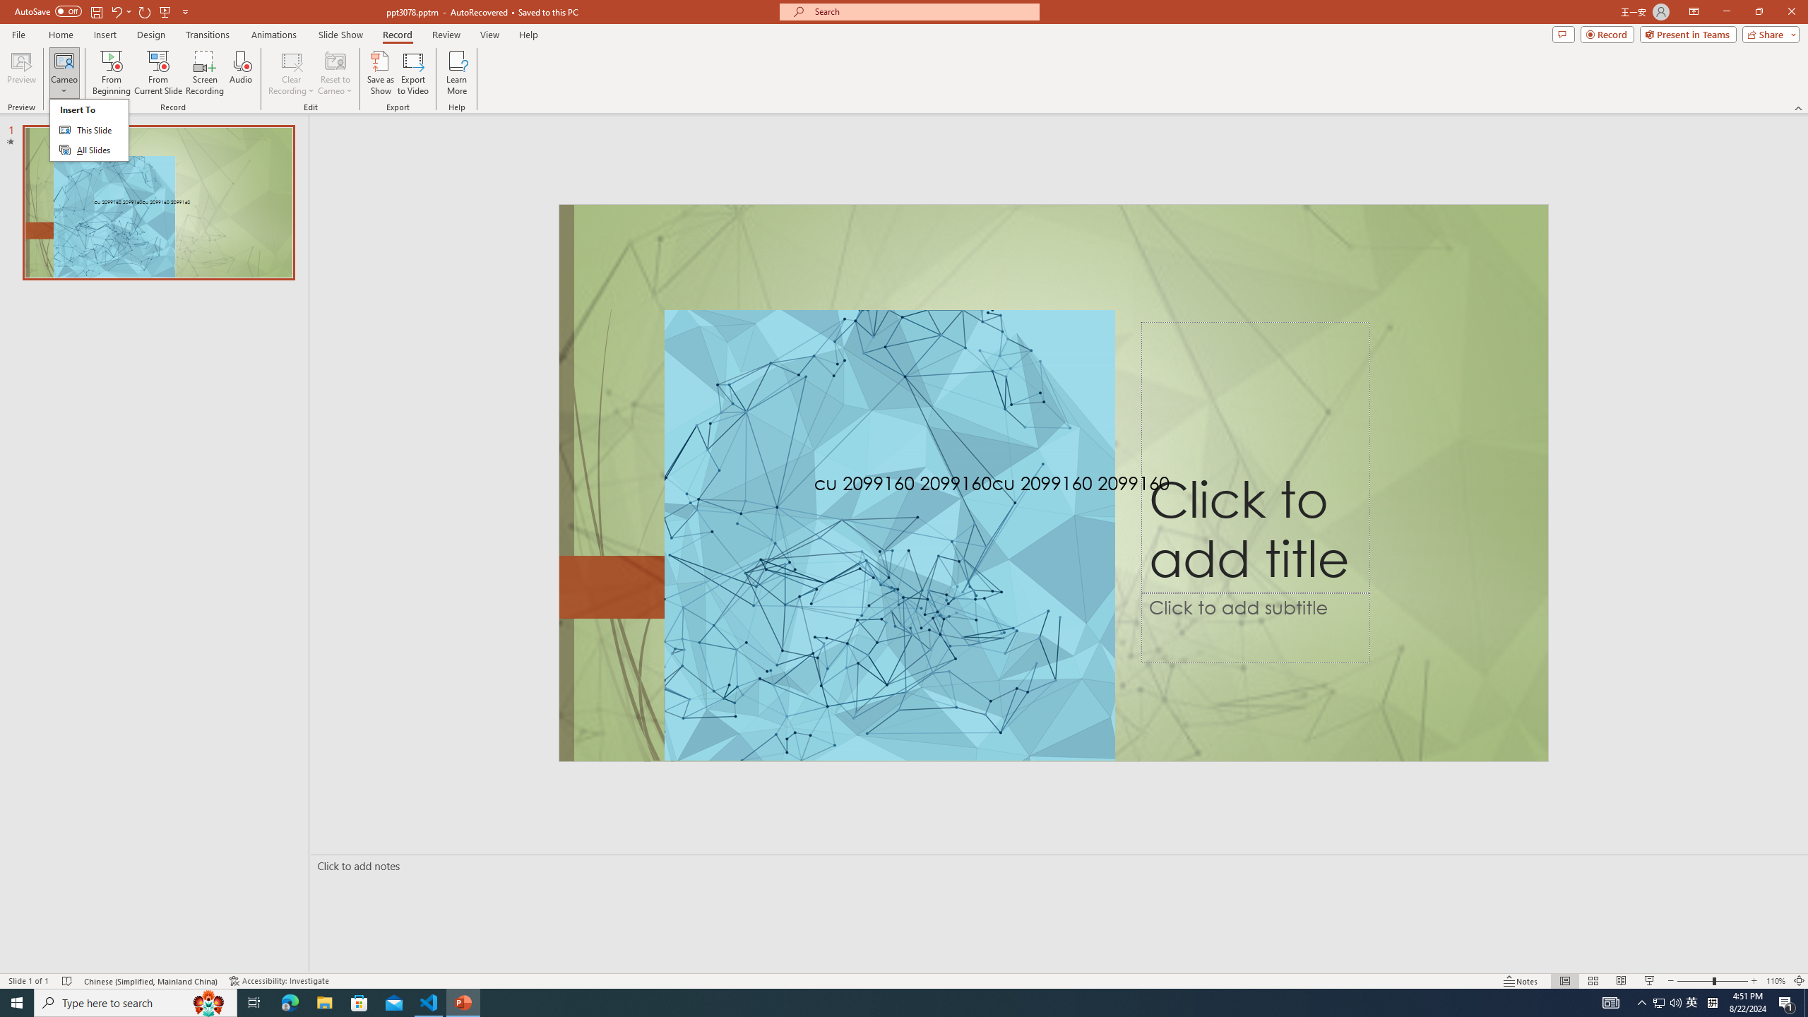  I want to click on 'Q2790: 100%', so click(1675, 1001).